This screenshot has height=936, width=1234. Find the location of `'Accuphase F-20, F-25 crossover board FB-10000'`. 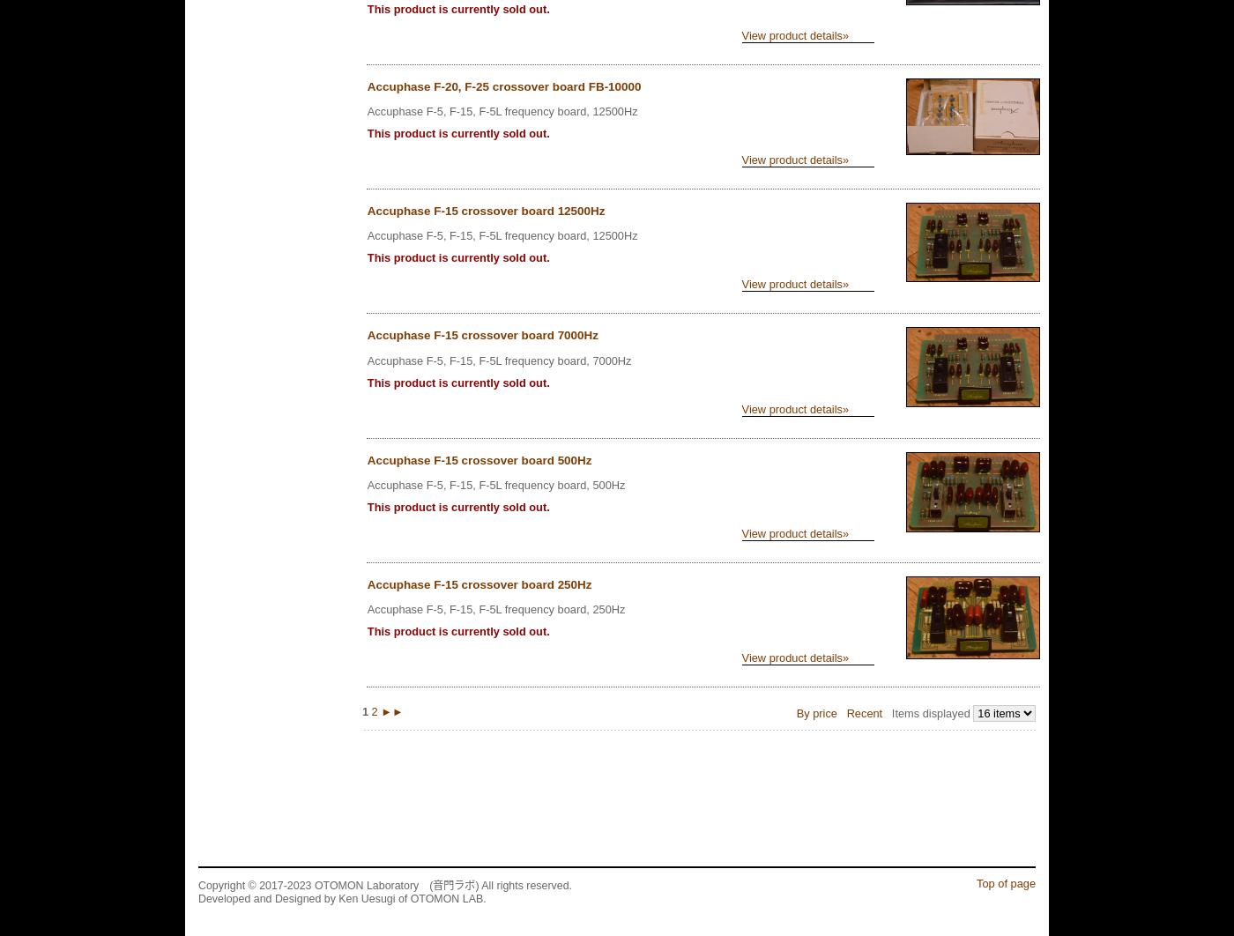

'Accuphase F-20, F-25 crossover board FB-10000' is located at coordinates (503, 86).